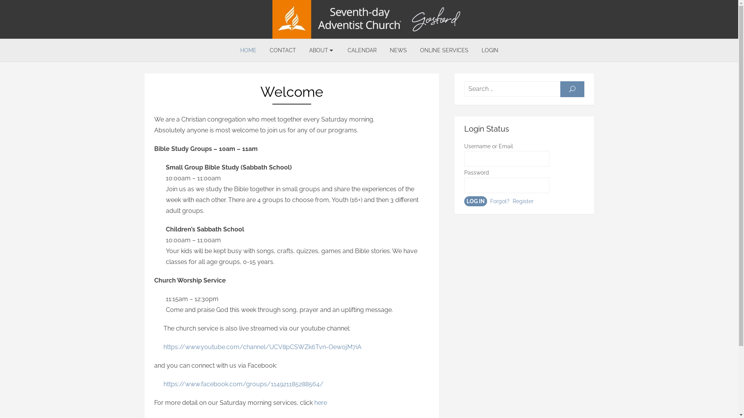 The width and height of the screenshot is (744, 418). I want to click on 'Forgot?', so click(489, 201).